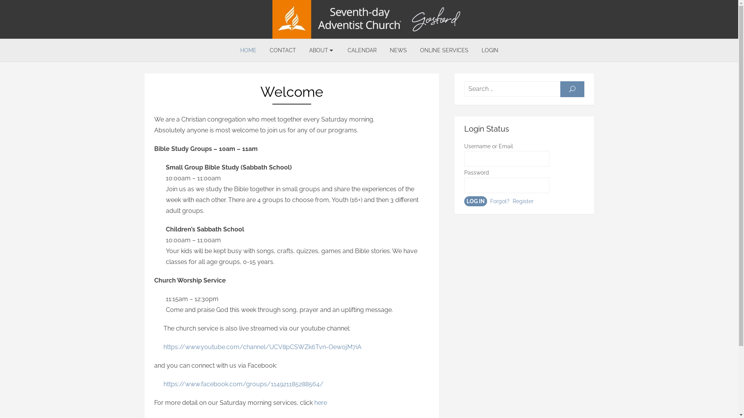 The width and height of the screenshot is (744, 418). I want to click on 'Forgot?', so click(489, 201).